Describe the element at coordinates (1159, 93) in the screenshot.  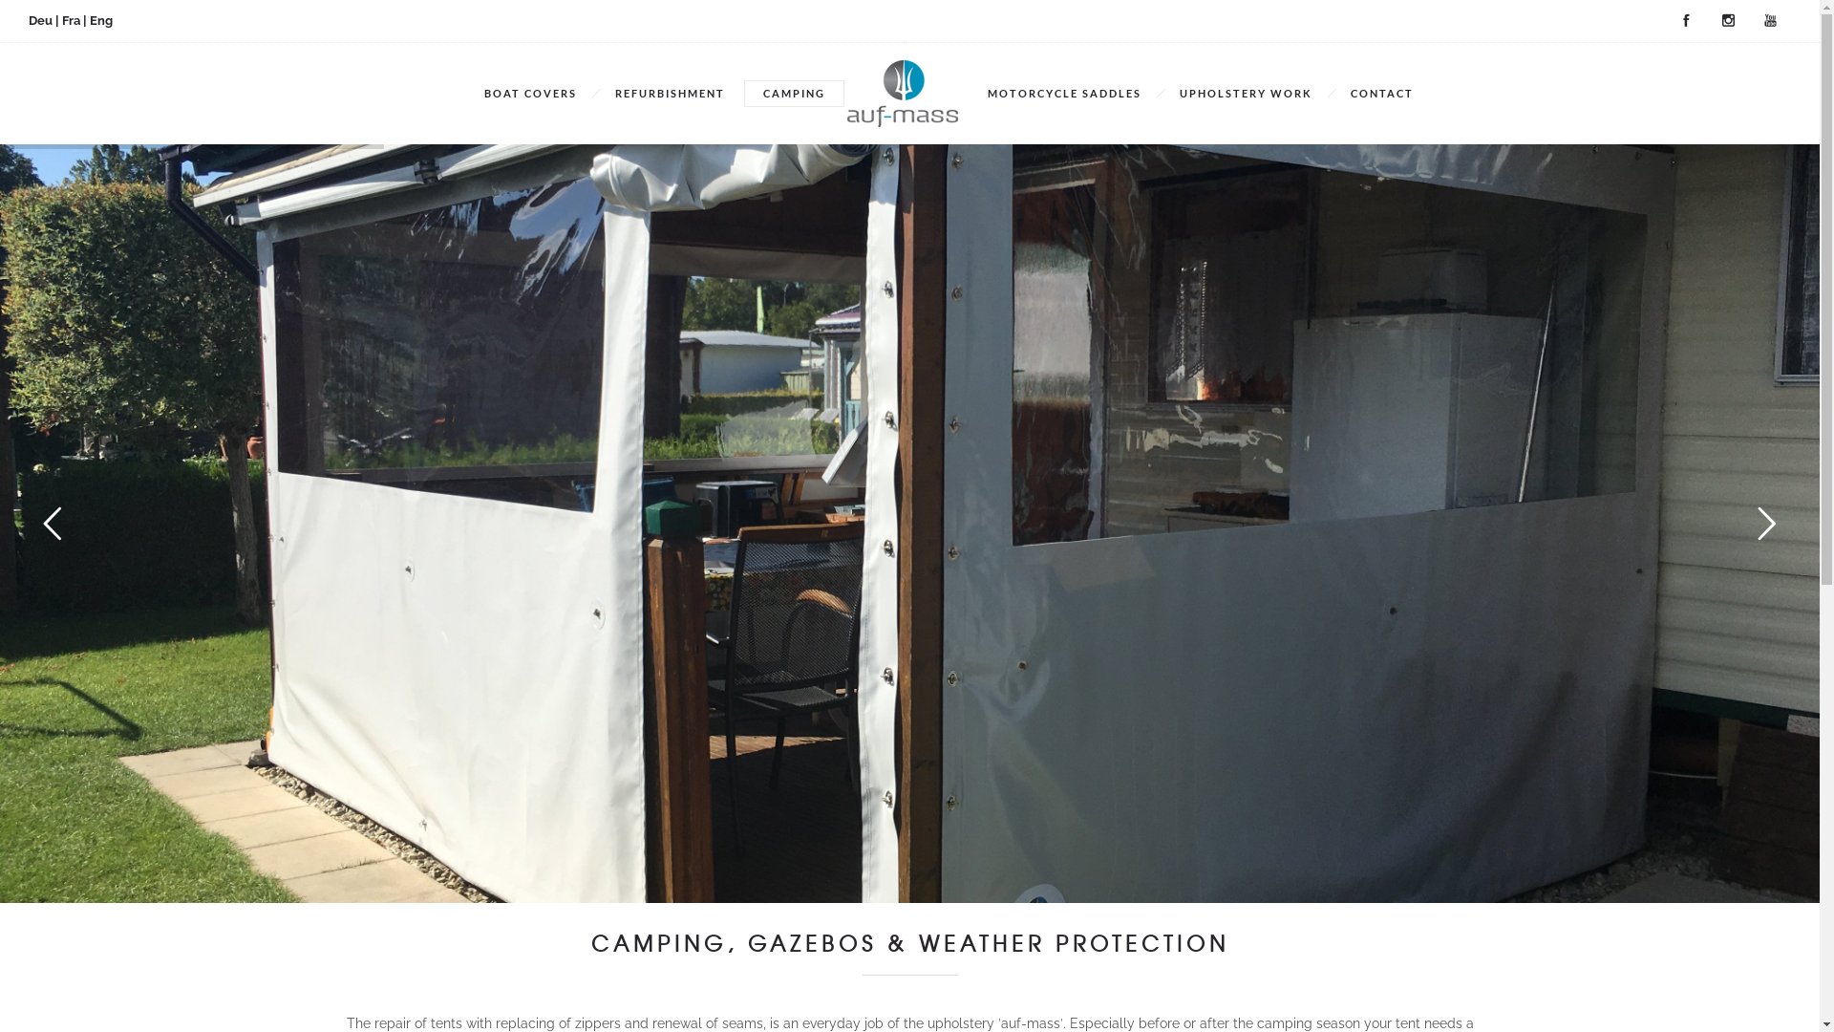
I see `'UPHOLSTERY WORK'` at that location.